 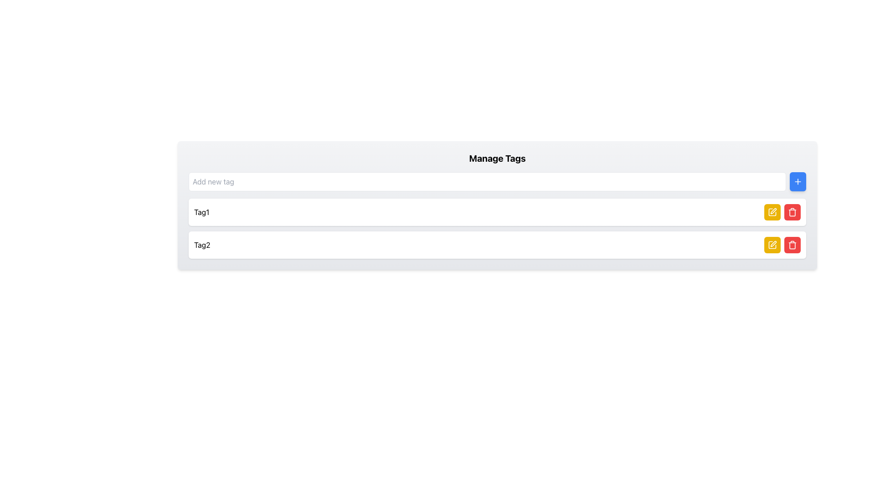 I want to click on the middle element of the SVG trash icon, which signifies a delete action, located in the rightmost column of the user interface, so click(x=792, y=245).